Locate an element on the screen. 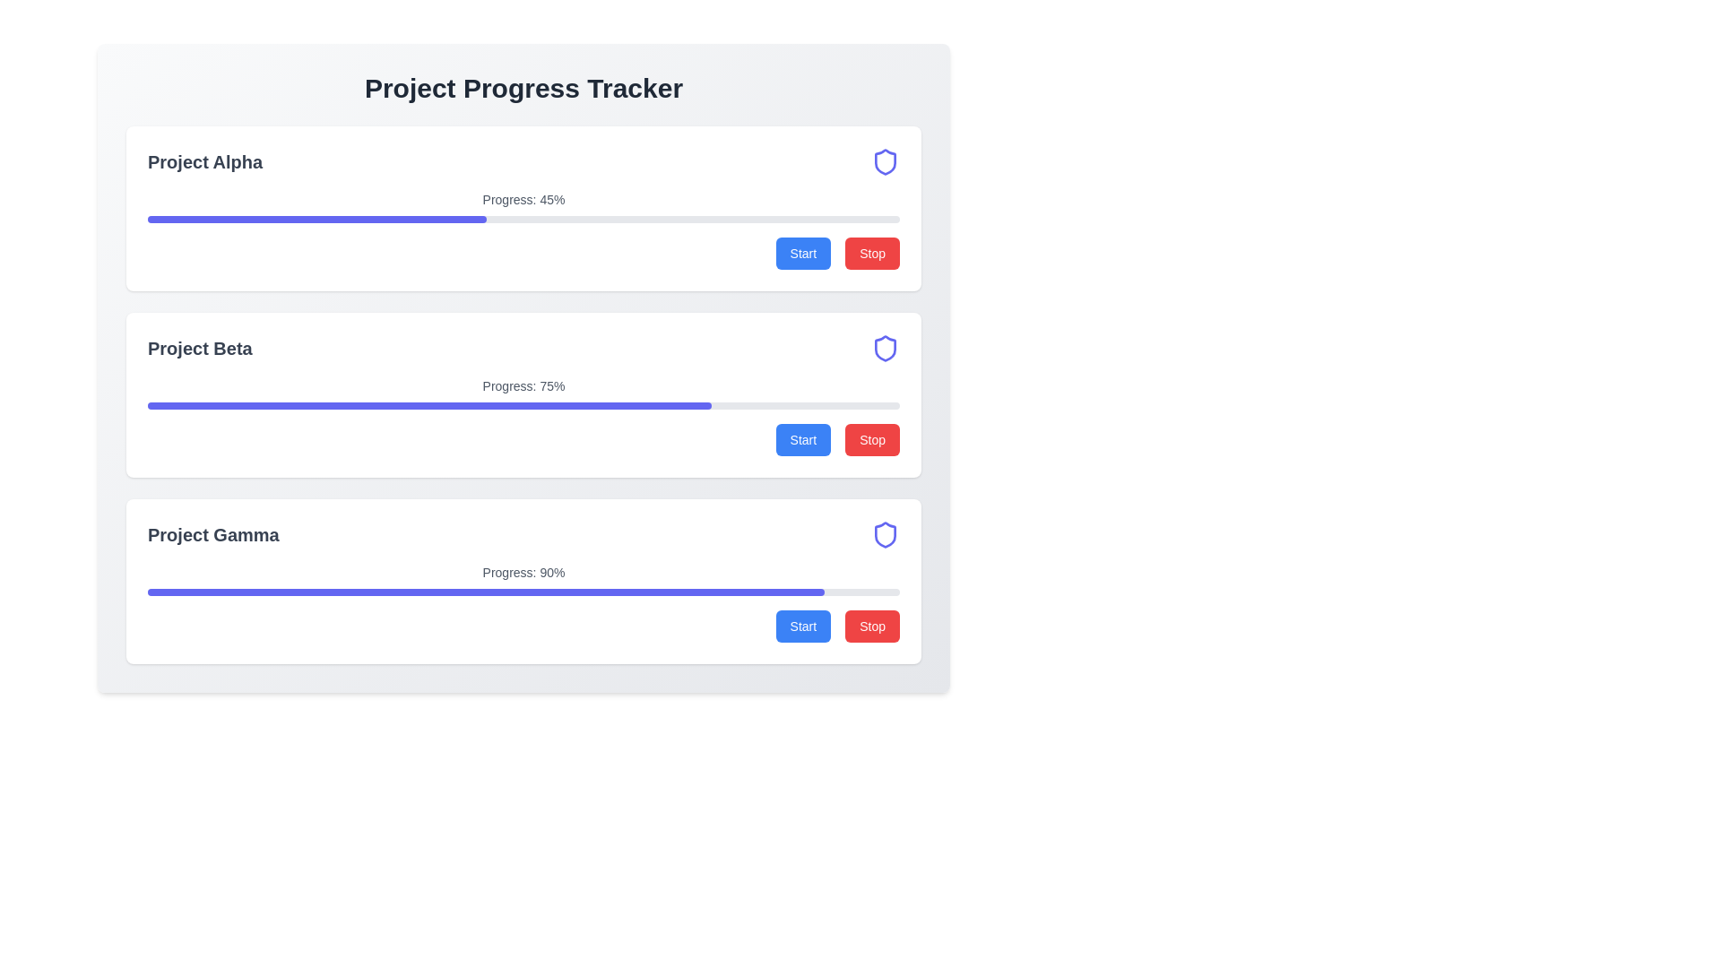  the 'Project Gamma' text label for accessibility by moving the pointer to its center is located at coordinates (213, 534).